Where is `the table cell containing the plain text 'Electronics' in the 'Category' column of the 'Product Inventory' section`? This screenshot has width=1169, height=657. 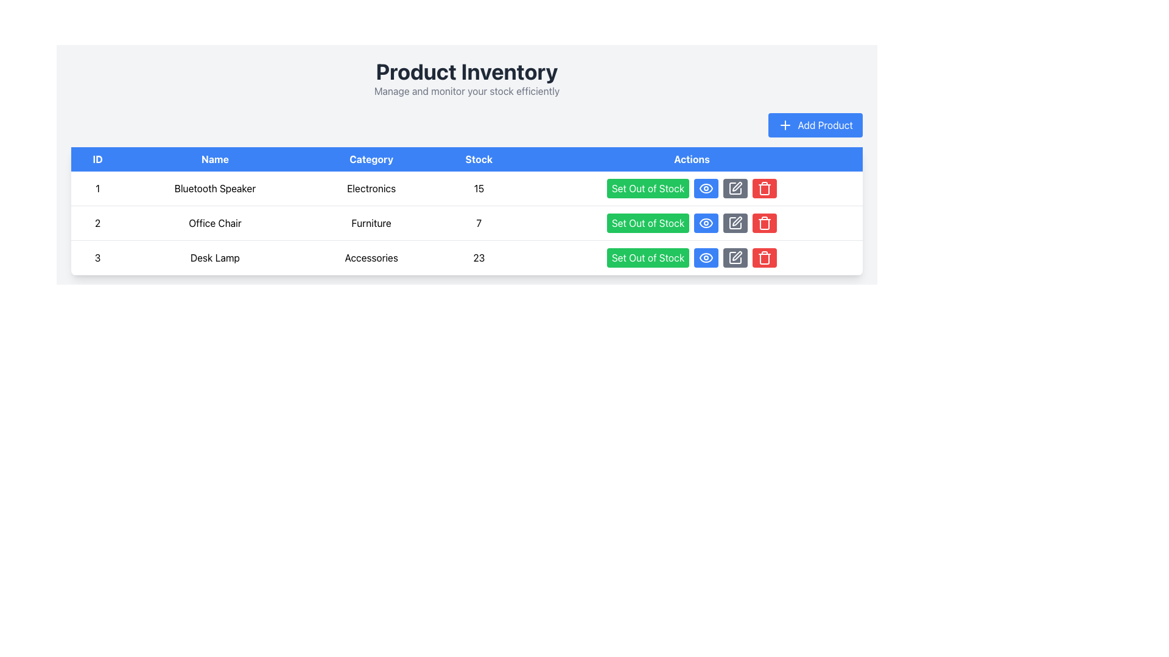
the table cell containing the plain text 'Electronics' in the 'Category' column of the 'Product Inventory' section is located at coordinates (371, 189).